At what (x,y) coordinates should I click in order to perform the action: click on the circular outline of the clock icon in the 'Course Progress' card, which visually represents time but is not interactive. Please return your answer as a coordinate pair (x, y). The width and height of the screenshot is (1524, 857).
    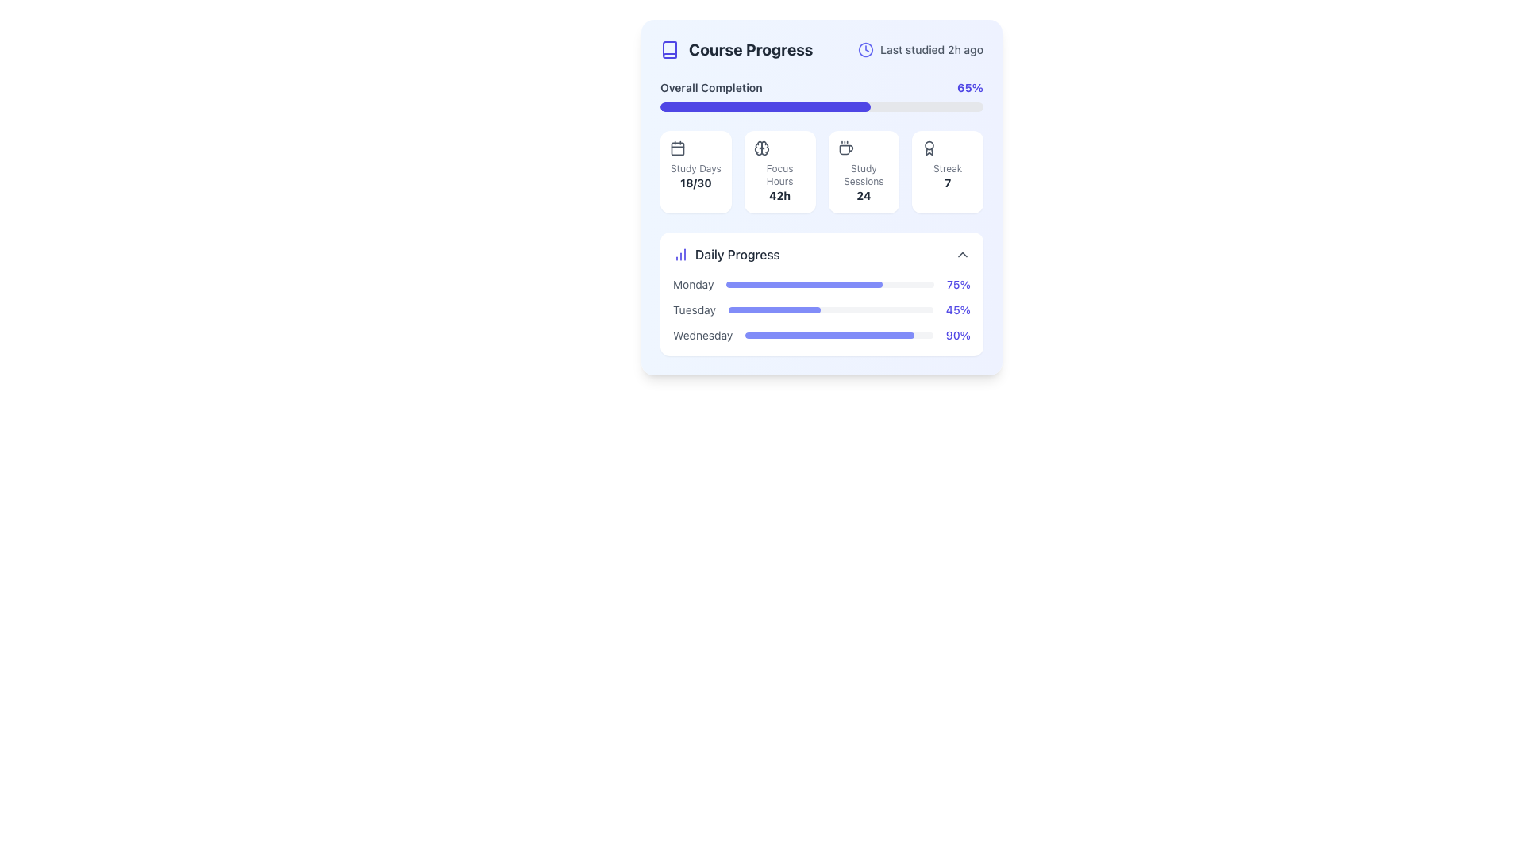
    Looking at the image, I should click on (864, 48).